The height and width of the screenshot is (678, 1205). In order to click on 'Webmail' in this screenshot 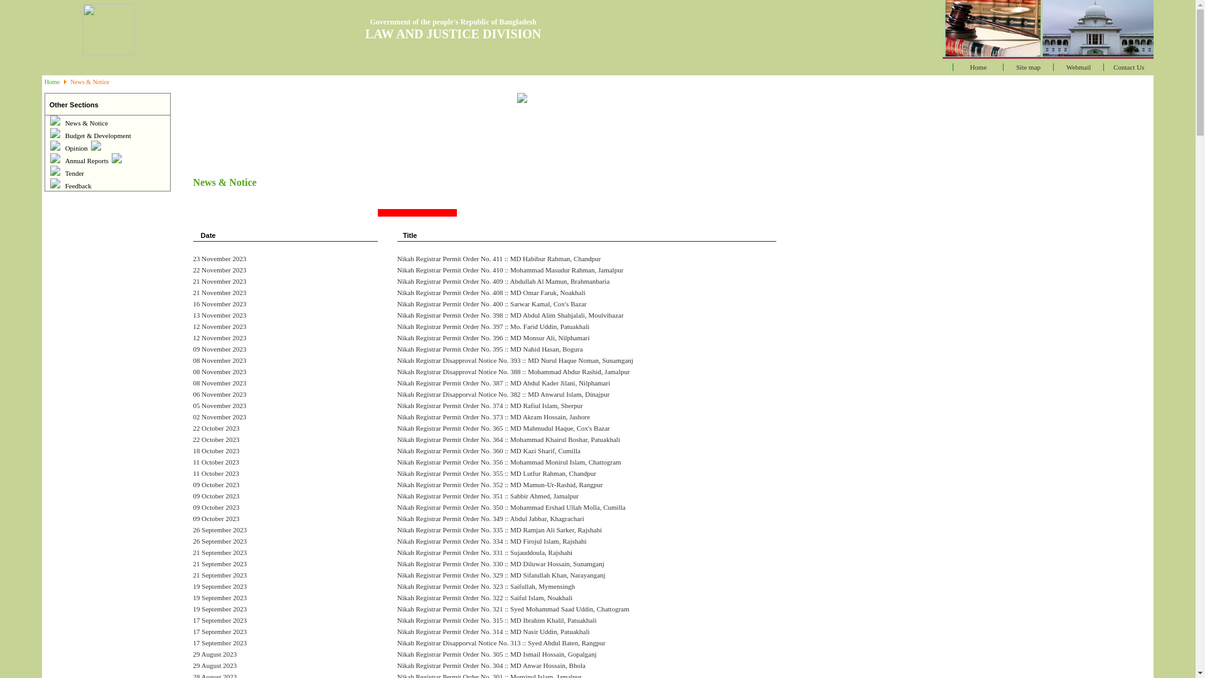, I will do `click(1066, 67)`.